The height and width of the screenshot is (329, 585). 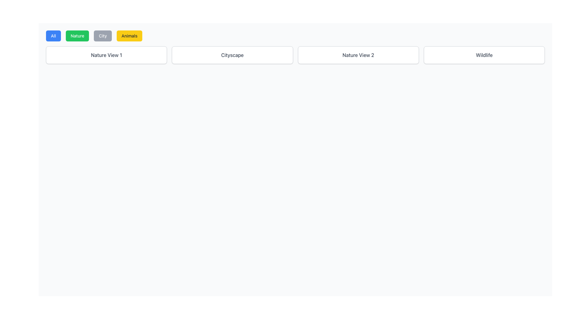 What do you see at coordinates (484, 55) in the screenshot?
I see `the non-interactive label indicating the category 'Wildlife' which is the fourth item in a horizontally aligned grid near the top of the interface` at bounding box center [484, 55].